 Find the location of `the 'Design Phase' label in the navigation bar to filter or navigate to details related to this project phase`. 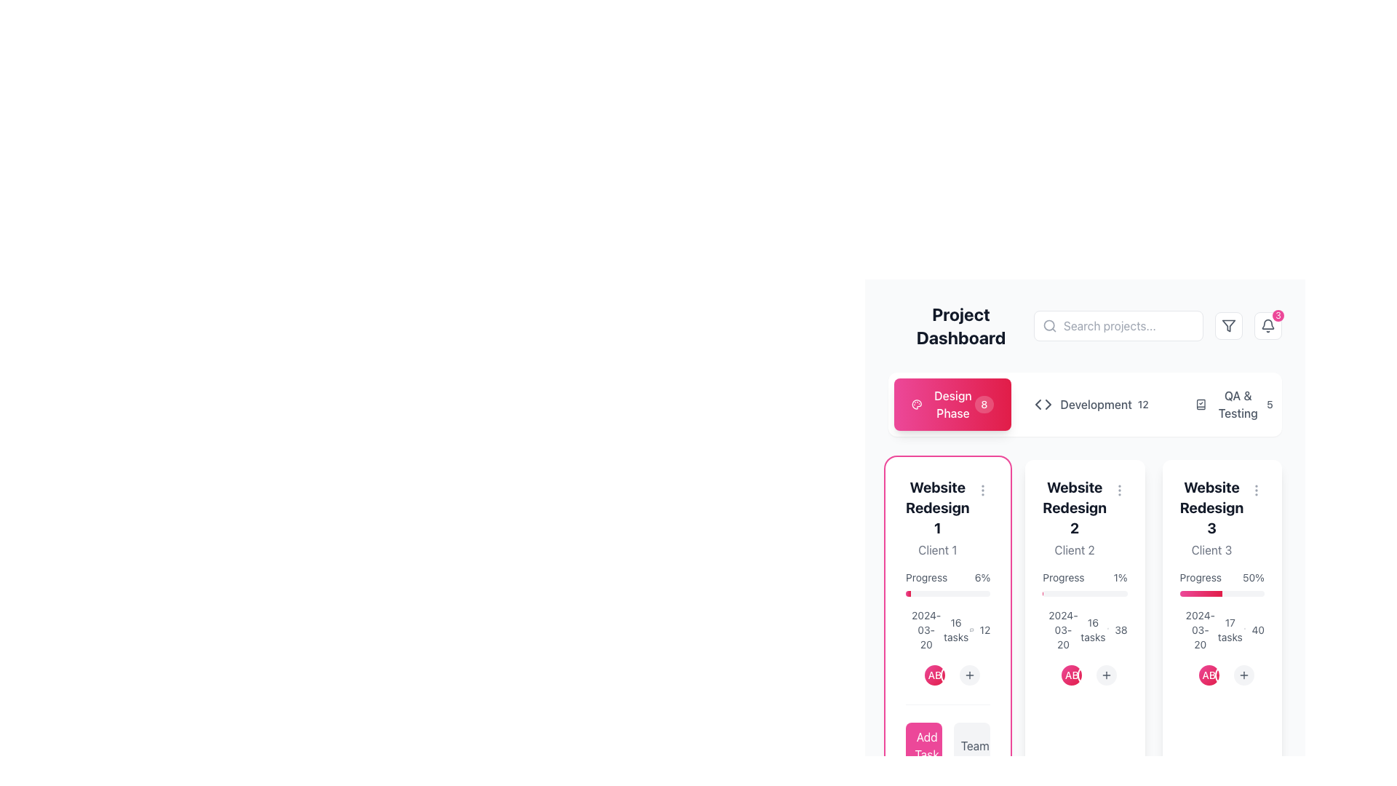

the 'Design Phase' label in the navigation bar to filter or navigate to details related to this project phase is located at coordinates (943, 404).